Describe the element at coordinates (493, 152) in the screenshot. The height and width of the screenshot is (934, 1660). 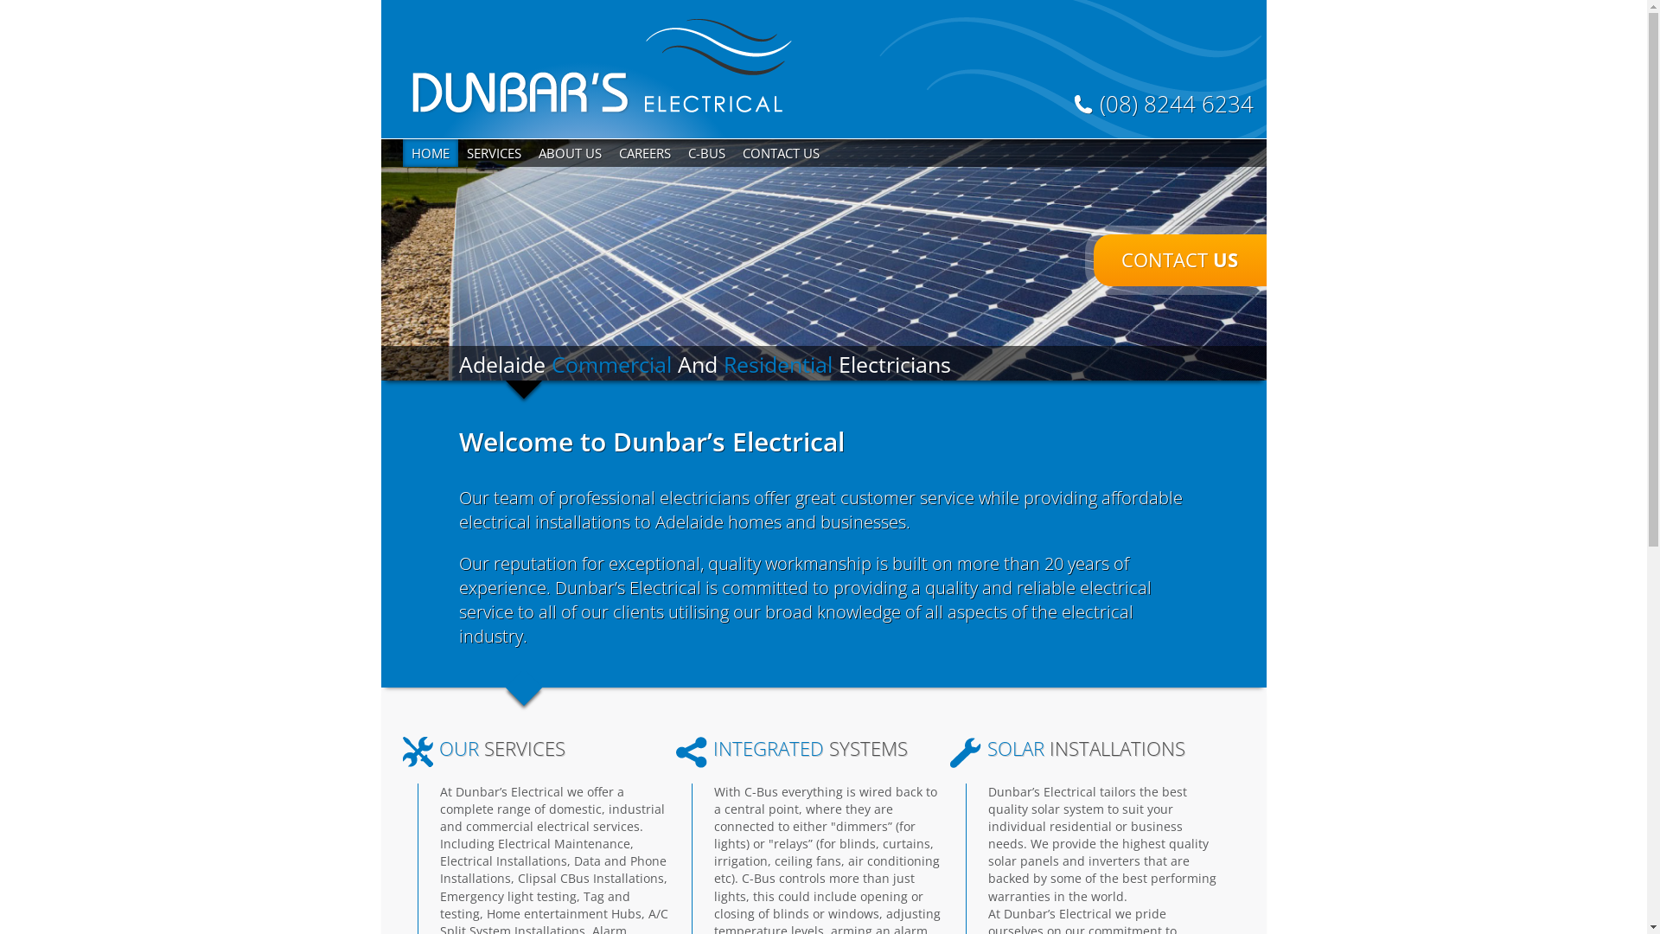
I see `'SERVICES'` at that location.